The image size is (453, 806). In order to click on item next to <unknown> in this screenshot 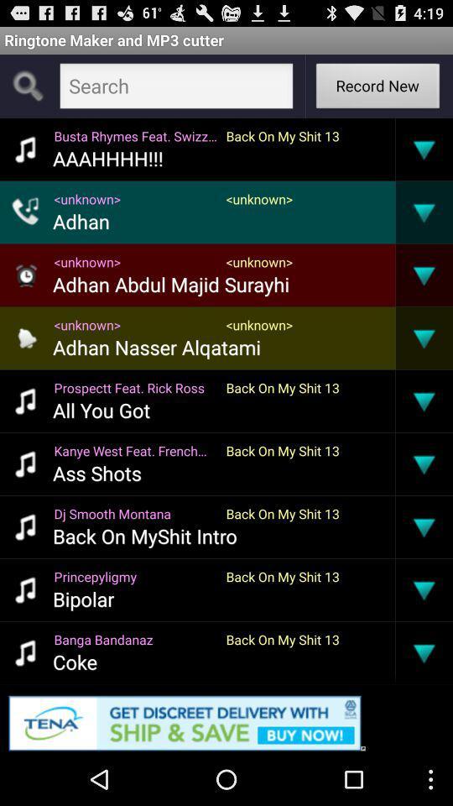, I will do `click(395, 275)`.